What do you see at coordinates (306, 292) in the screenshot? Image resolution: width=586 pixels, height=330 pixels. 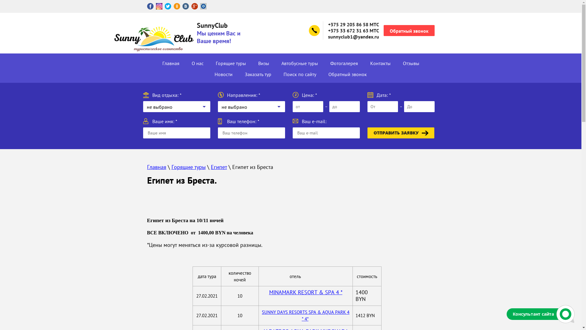 I see `'MINAMARK RESORT & SPA 4 *'` at bounding box center [306, 292].